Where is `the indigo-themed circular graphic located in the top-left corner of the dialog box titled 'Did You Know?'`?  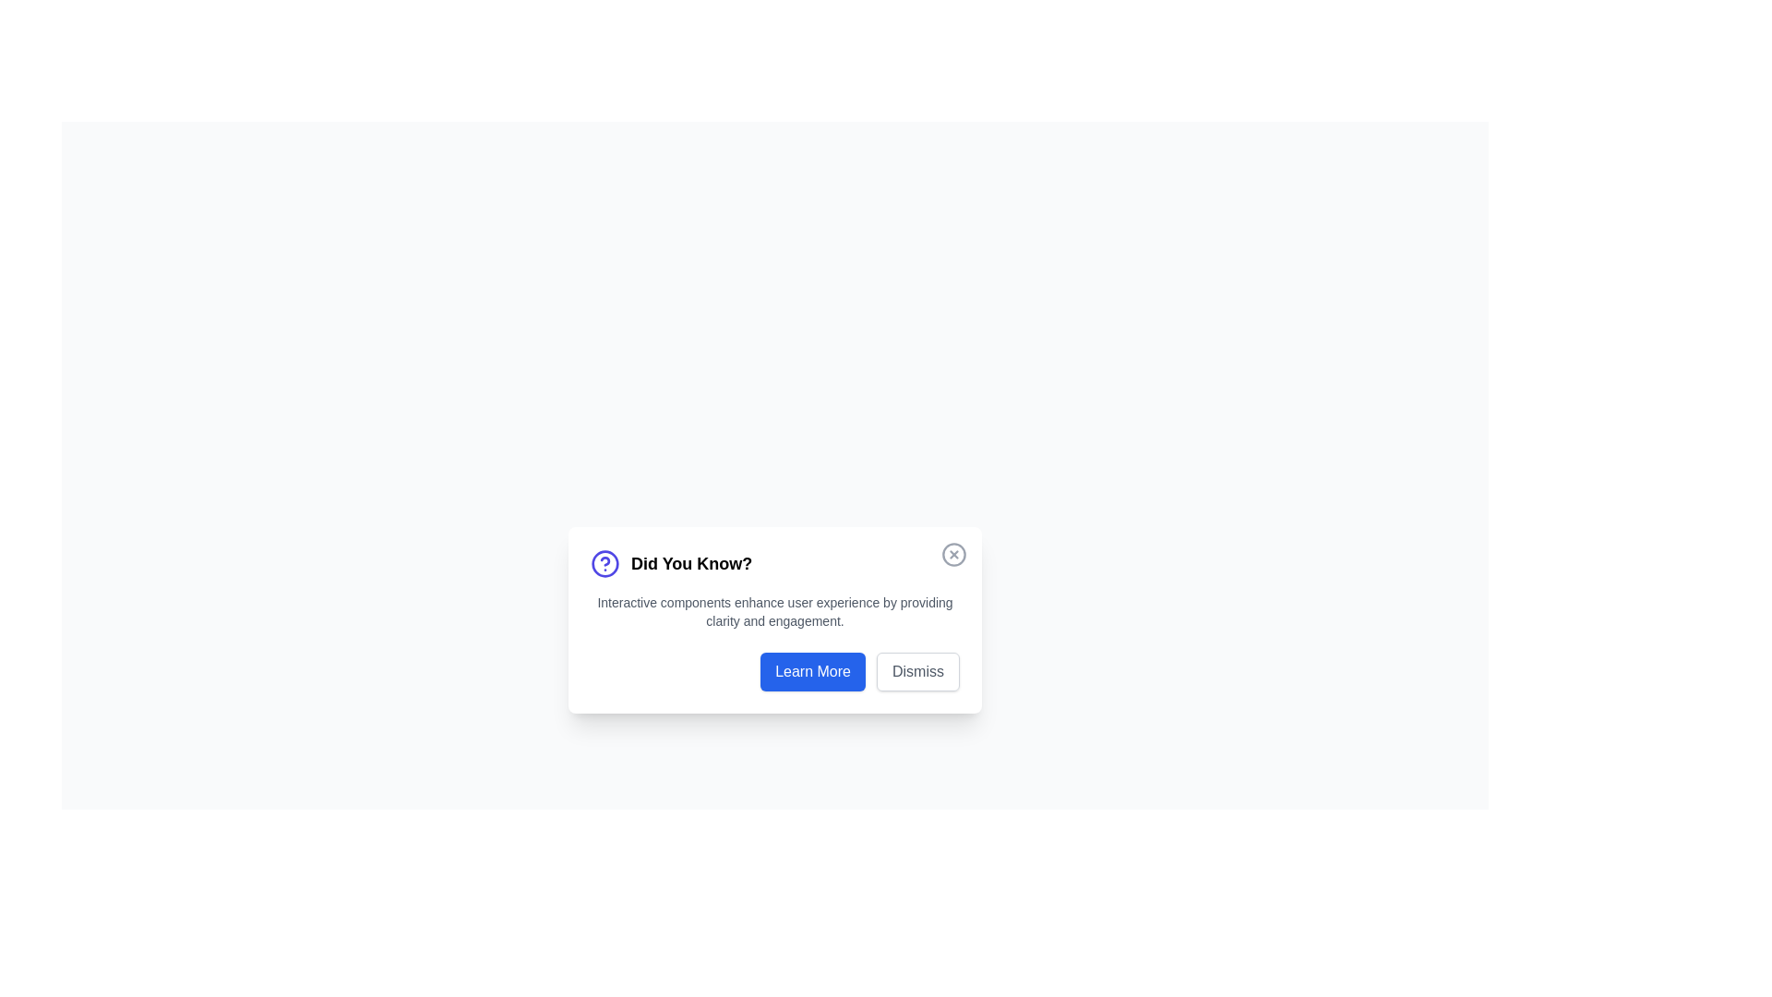 the indigo-themed circular graphic located in the top-left corner of the dialog box titled 'Did You Know?' is located at coordinates (605, 562).